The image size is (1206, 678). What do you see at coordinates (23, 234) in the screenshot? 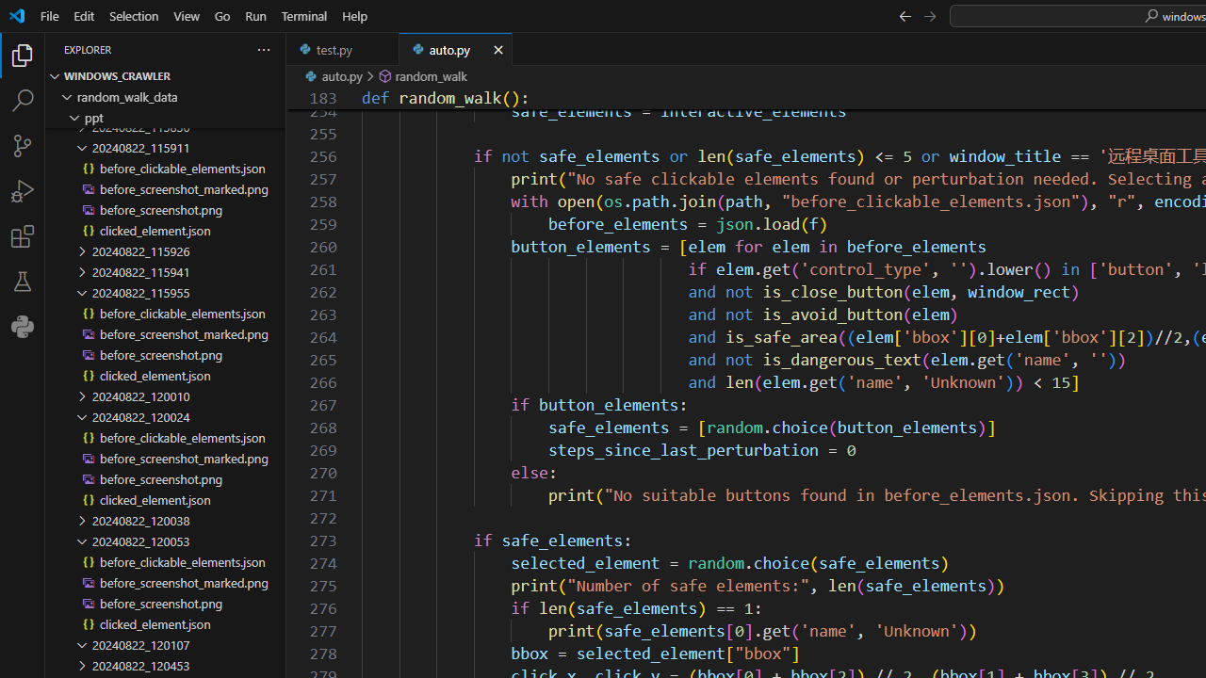
I see `'Extensions (Ctrl+Shift+X)'` at bounding box center [23, 234].